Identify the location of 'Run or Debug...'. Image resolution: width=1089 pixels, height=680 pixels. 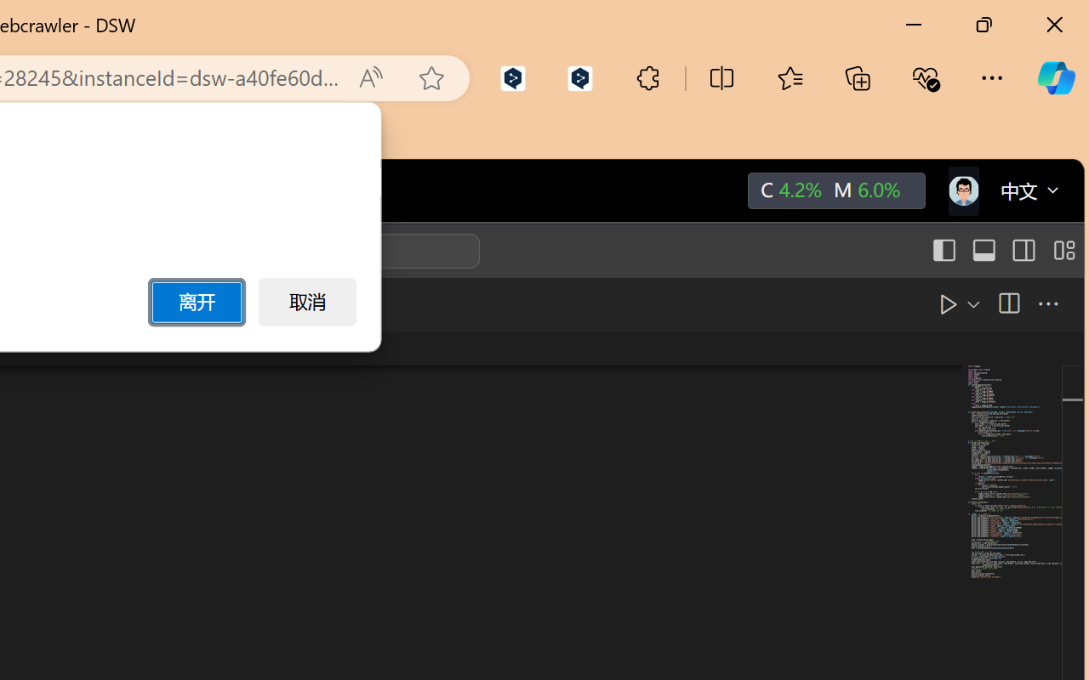
(932, 303).